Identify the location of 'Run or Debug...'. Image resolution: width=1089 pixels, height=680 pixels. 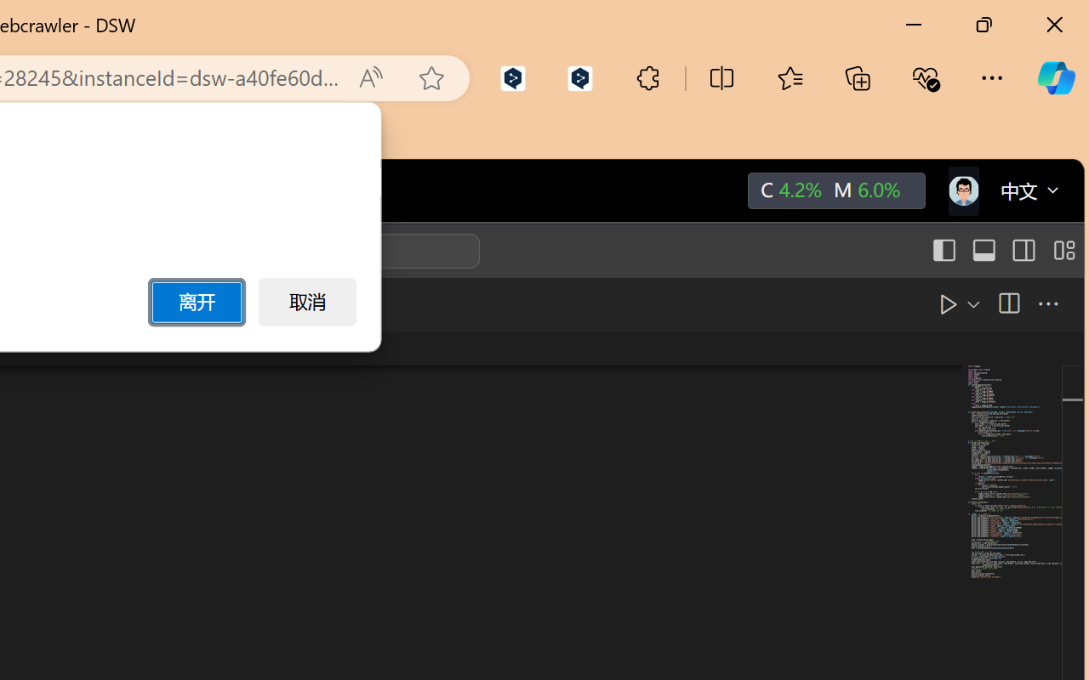
(932, 303).